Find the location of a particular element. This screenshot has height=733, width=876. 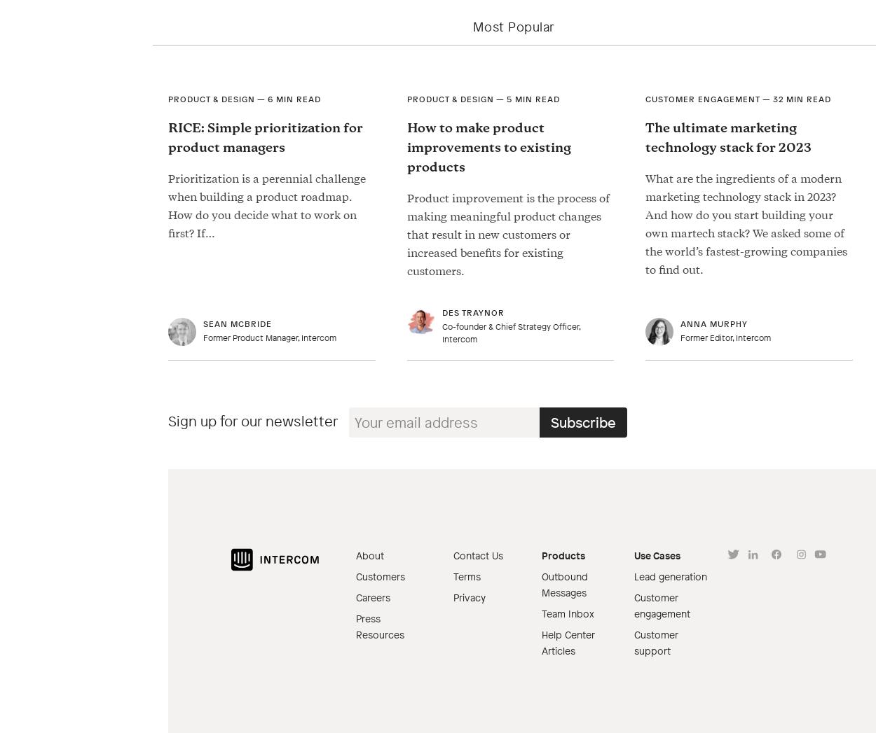

'Customer Engagement' is located at coordinates (645, 98).